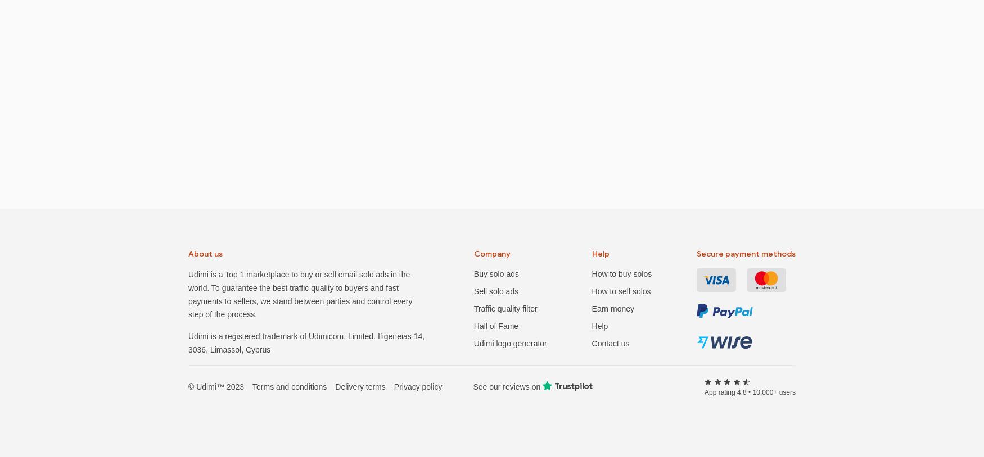  What do you see at coordinates (495, 291) in the screenshot?
I see `'Sell solo ads'` at bounding box center [495, 291].